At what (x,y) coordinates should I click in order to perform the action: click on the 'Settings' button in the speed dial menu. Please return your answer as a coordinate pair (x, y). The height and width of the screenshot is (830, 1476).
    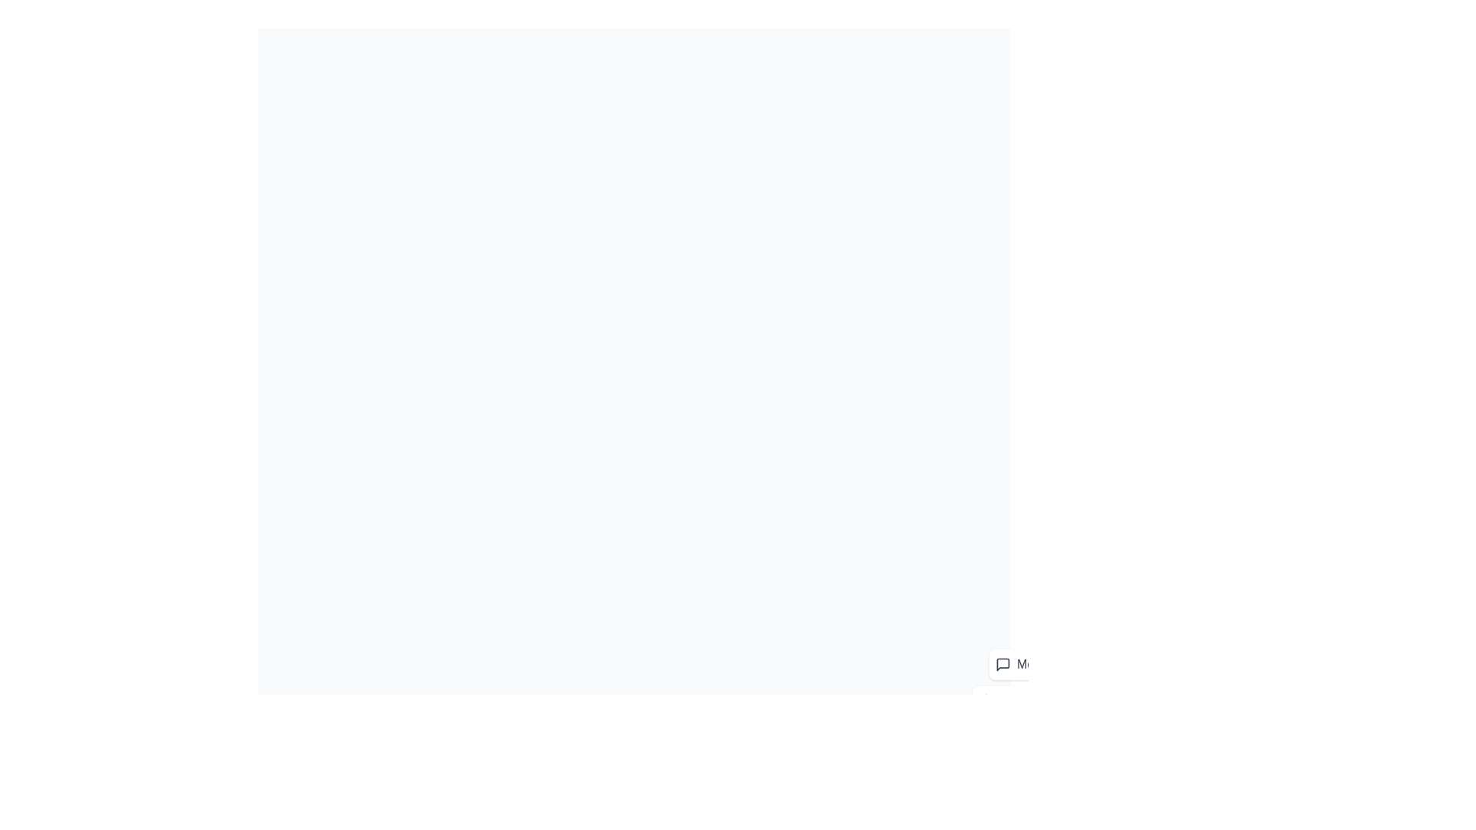
    Looking at the image, I should click on (1033, 737).